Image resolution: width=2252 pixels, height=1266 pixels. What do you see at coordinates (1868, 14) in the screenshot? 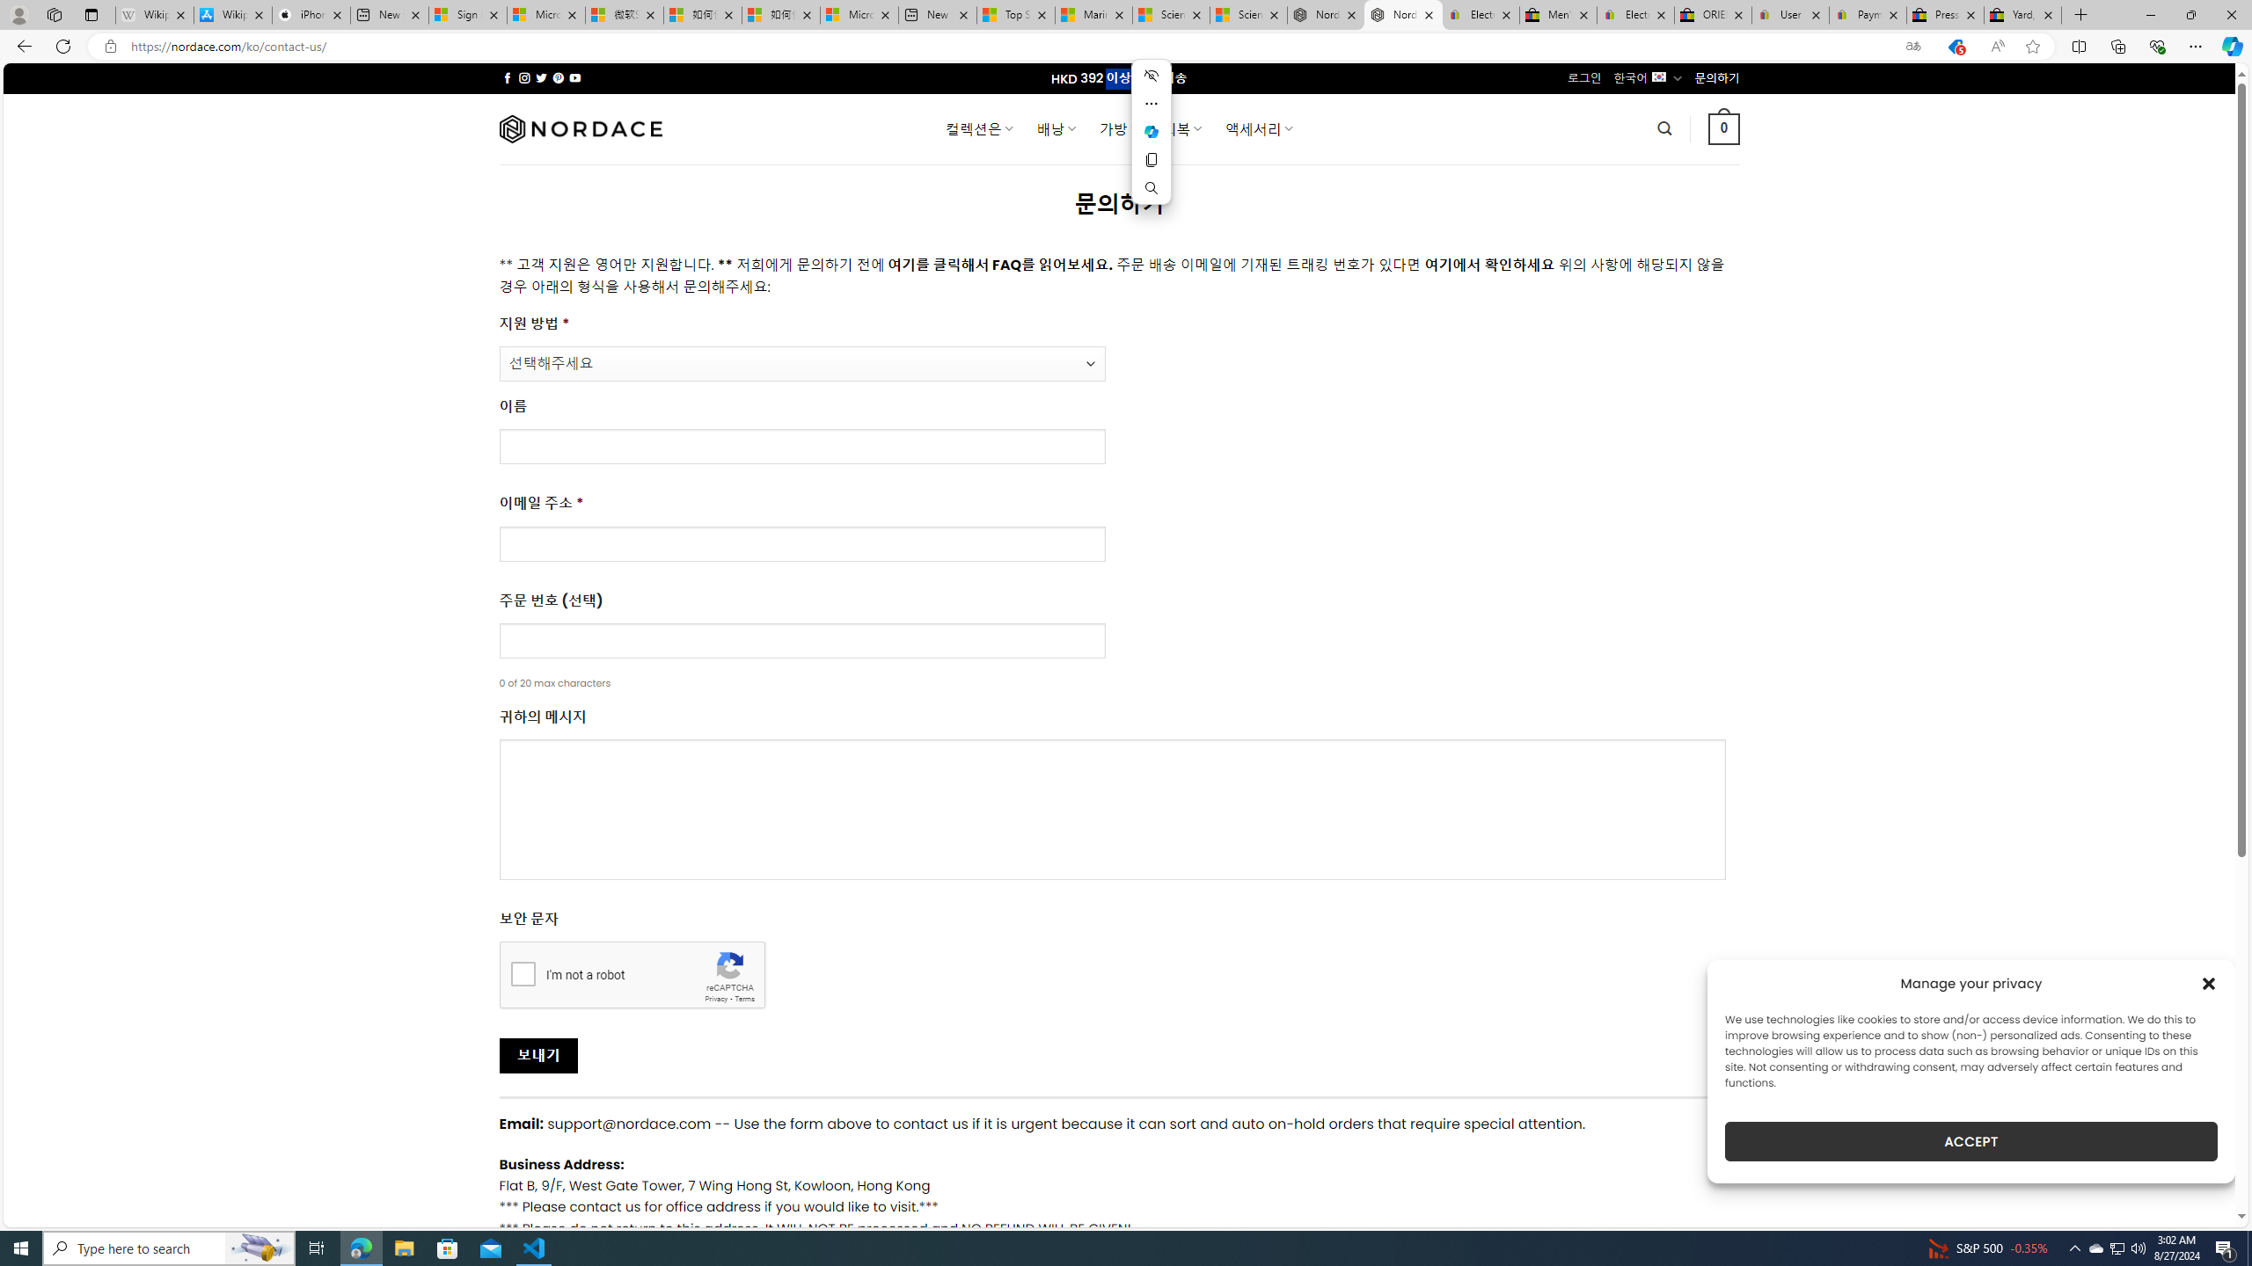
I see `'Payments Terms of Use | eBay.com'` at bounding box center [1868, 14].